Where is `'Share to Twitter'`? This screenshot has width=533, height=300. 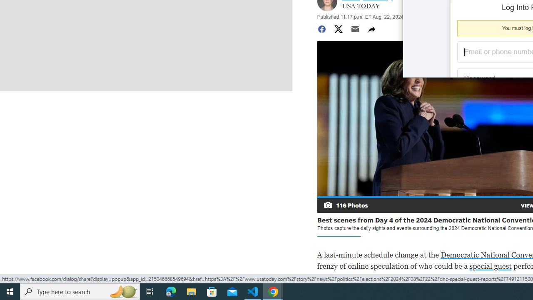 'Share to Twitter' is located at coordinates (338, 28).